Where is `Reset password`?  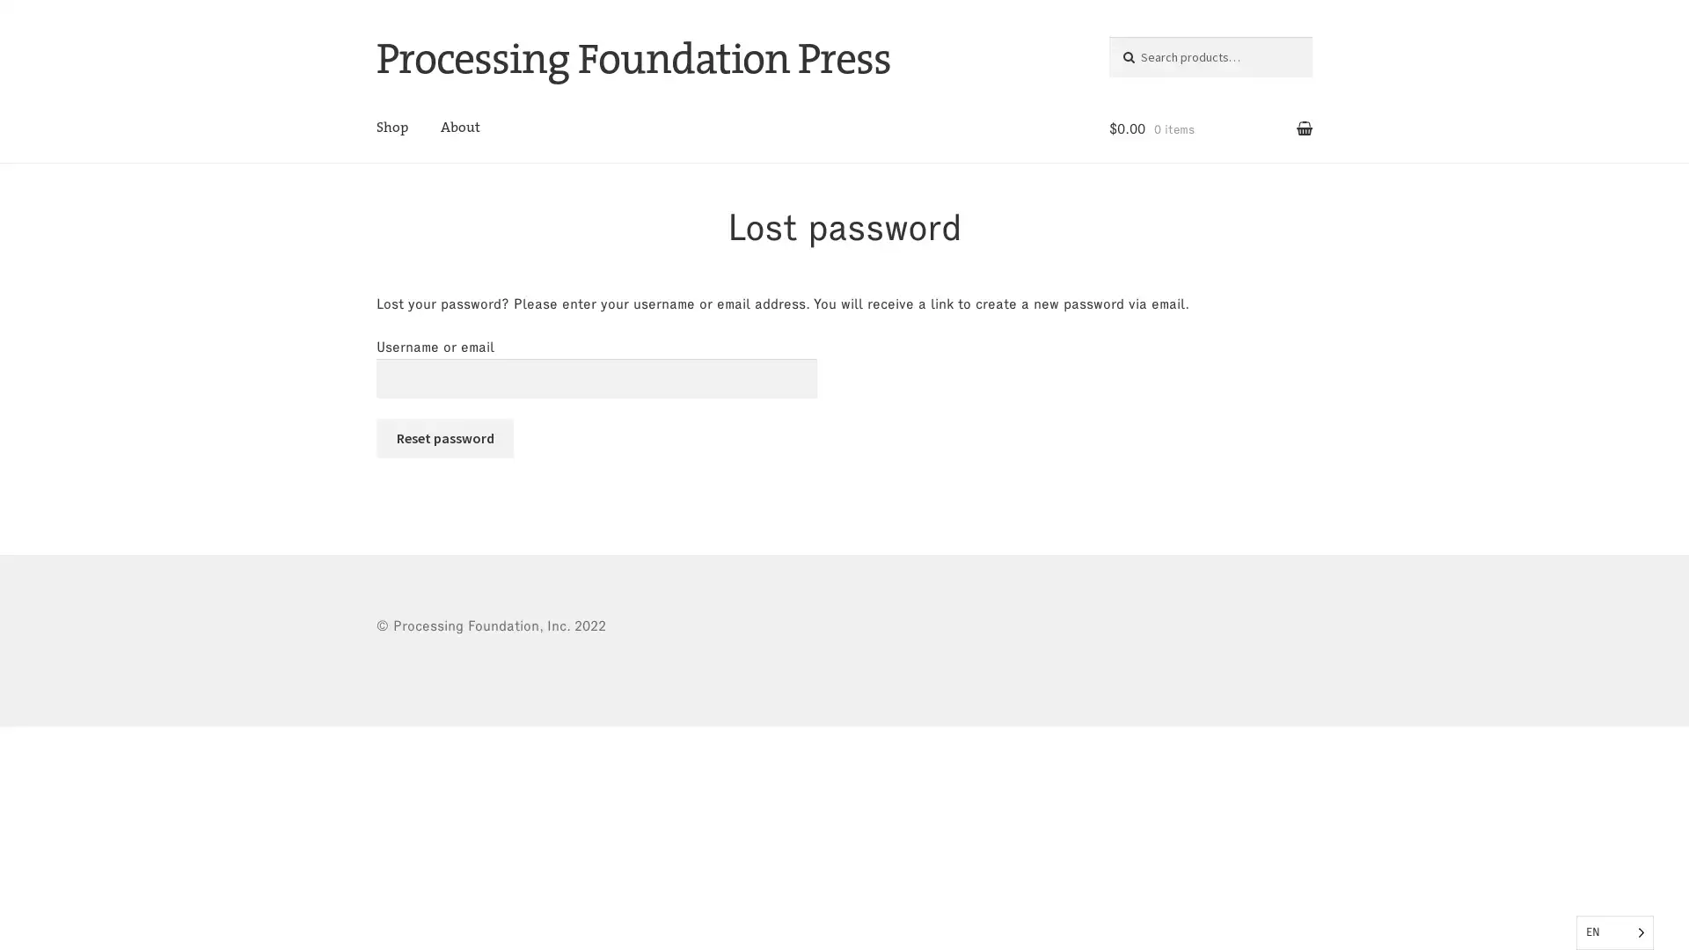 Reset password is located at coordinates (444, 436).